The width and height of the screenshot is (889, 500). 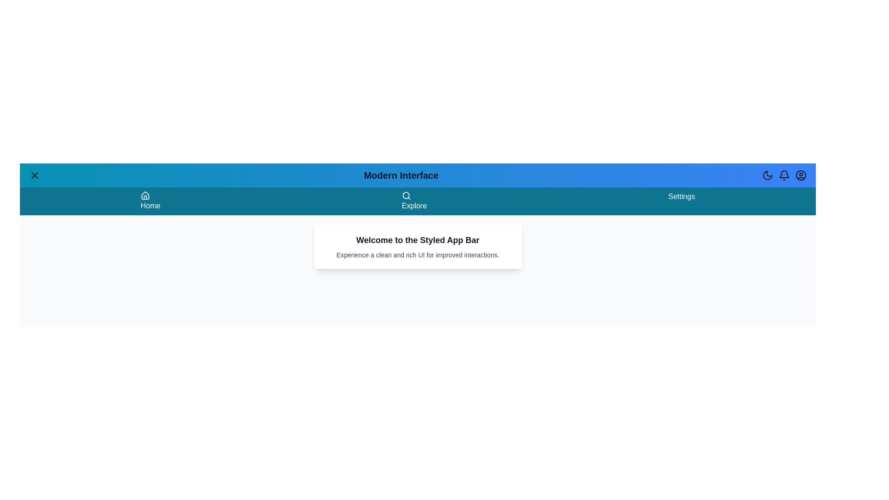 I want to click on the bell icon to access notifications, so click(x=784, y=175).